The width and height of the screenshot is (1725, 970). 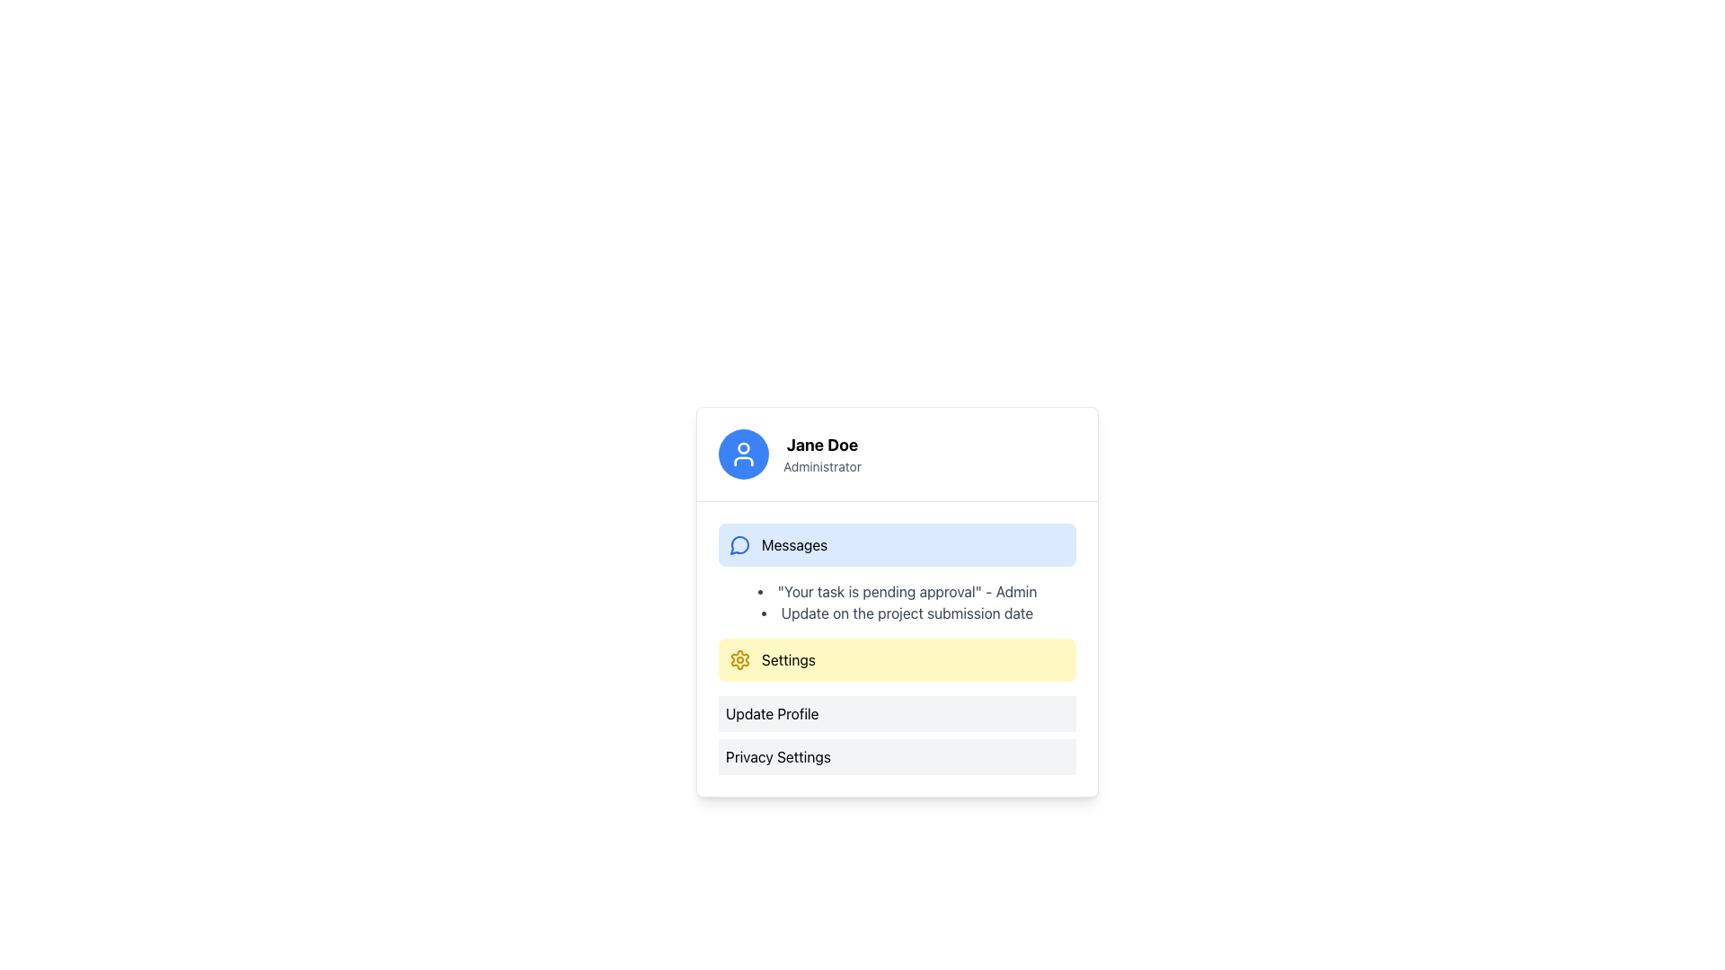 What do you see at coordinates (897, 612) in the screenshot?
I see `the static text element displaying the project submission date notification, located below the 'Your task is pending approval - Admin' text in the 'Messages' section` at bounding box center [897, 612].